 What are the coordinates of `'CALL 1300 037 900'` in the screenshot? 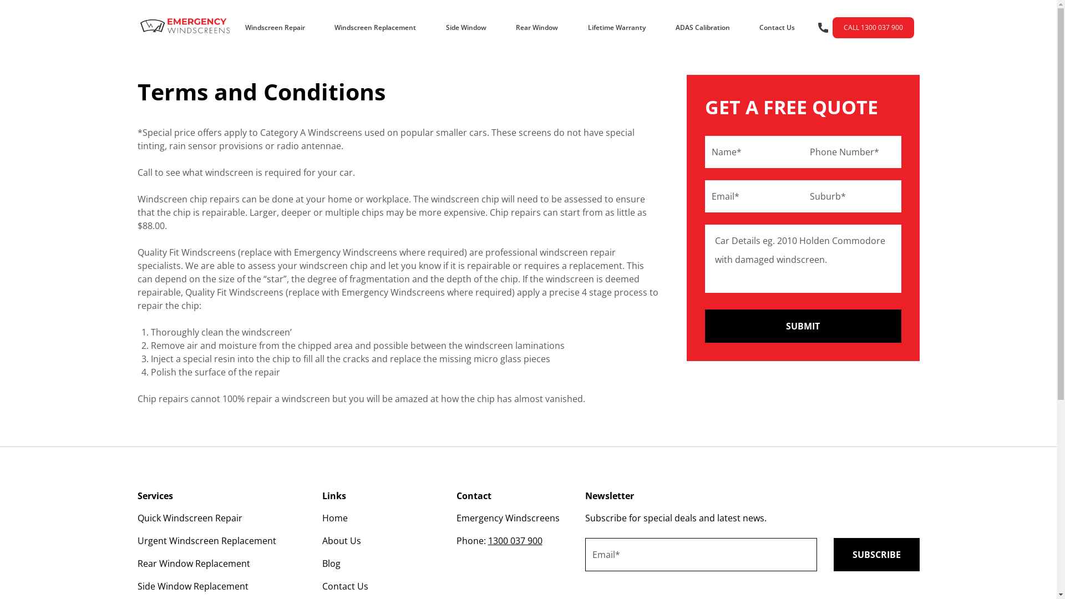 It's located at (863, 27).